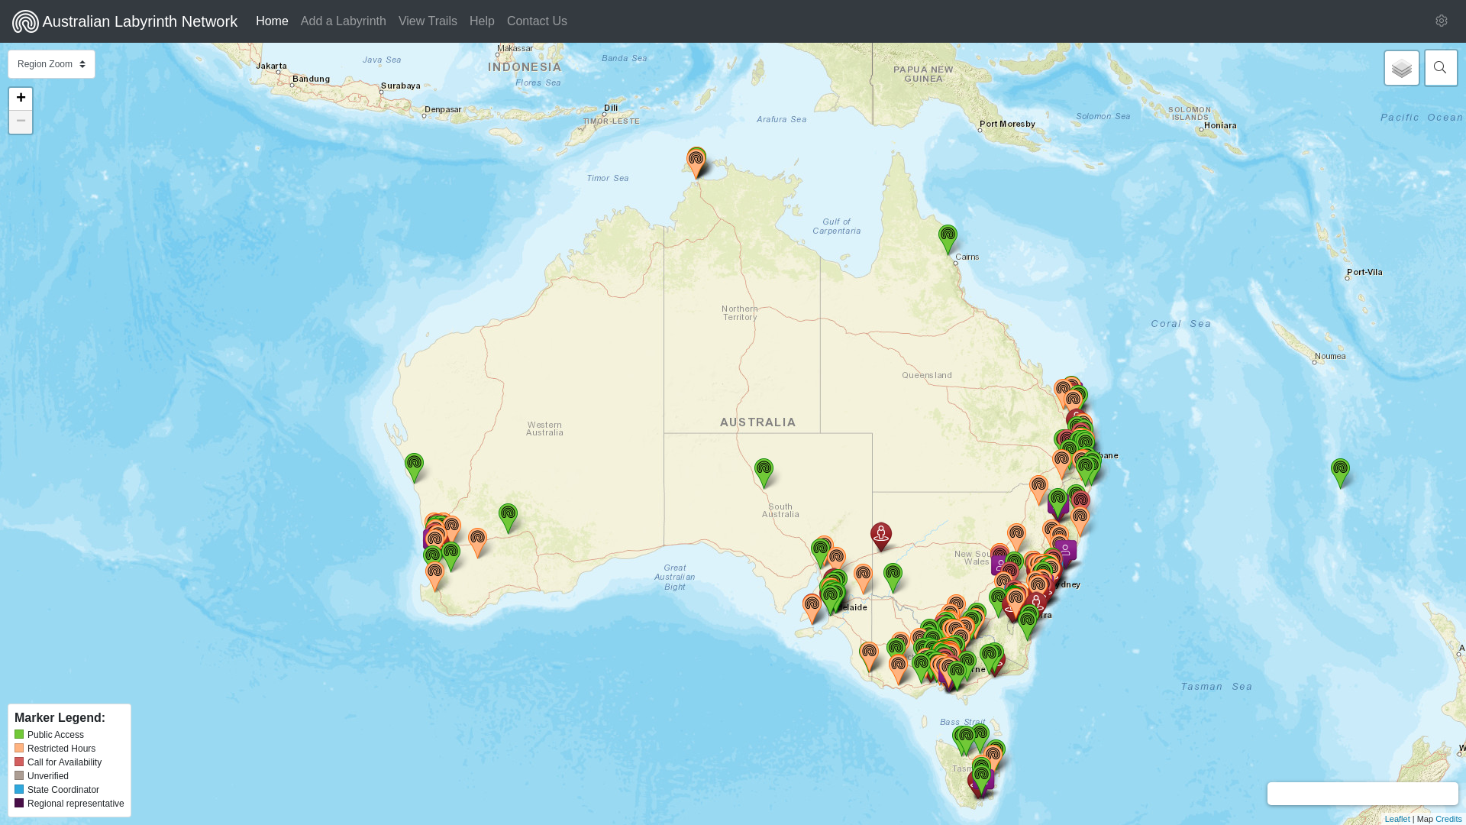  I want to click on 'Australian Labyrinth Network', so click(124, 21).